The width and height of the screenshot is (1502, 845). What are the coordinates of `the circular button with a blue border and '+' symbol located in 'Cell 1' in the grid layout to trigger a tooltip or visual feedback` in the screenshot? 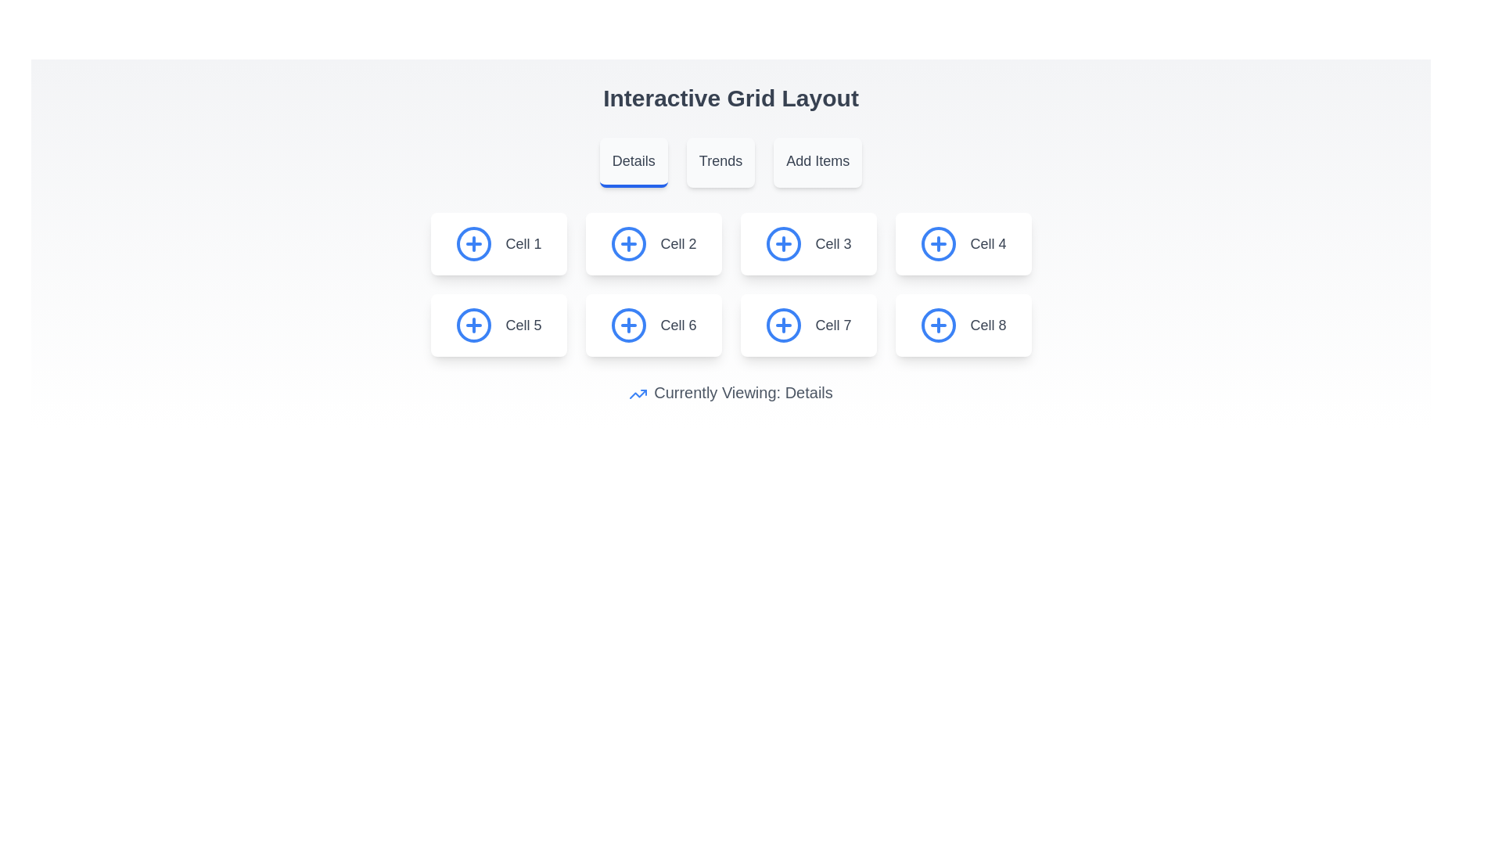 It's located at (473, 244).